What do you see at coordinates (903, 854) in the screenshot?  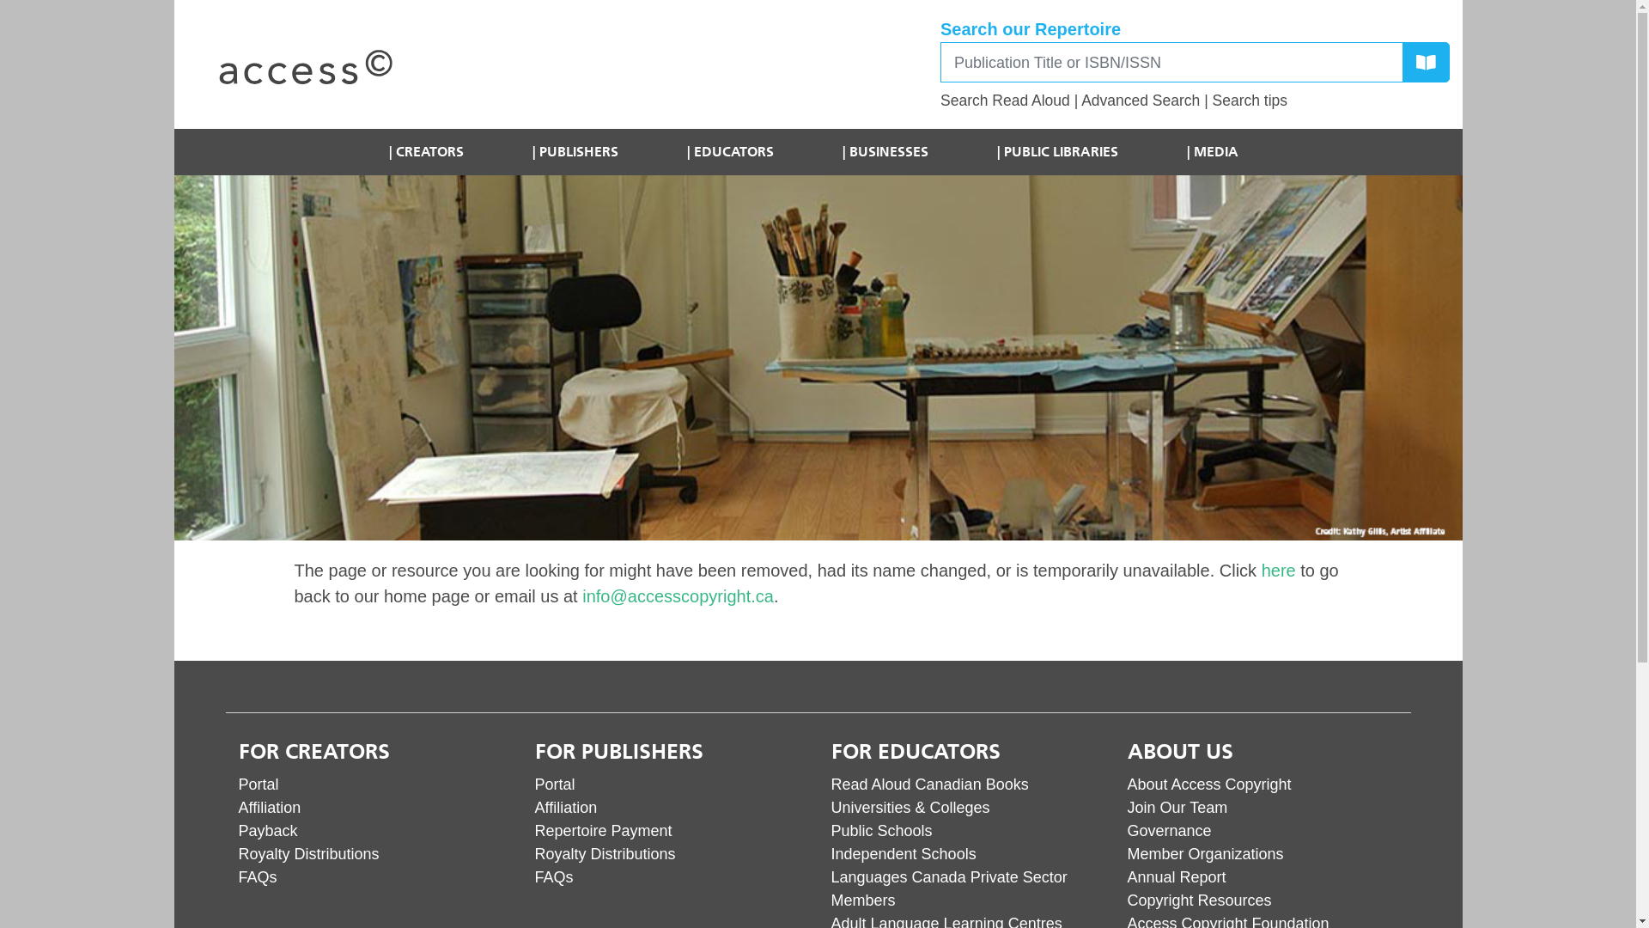 I see `'Independent Schools'` at bounding box center [903, 854].